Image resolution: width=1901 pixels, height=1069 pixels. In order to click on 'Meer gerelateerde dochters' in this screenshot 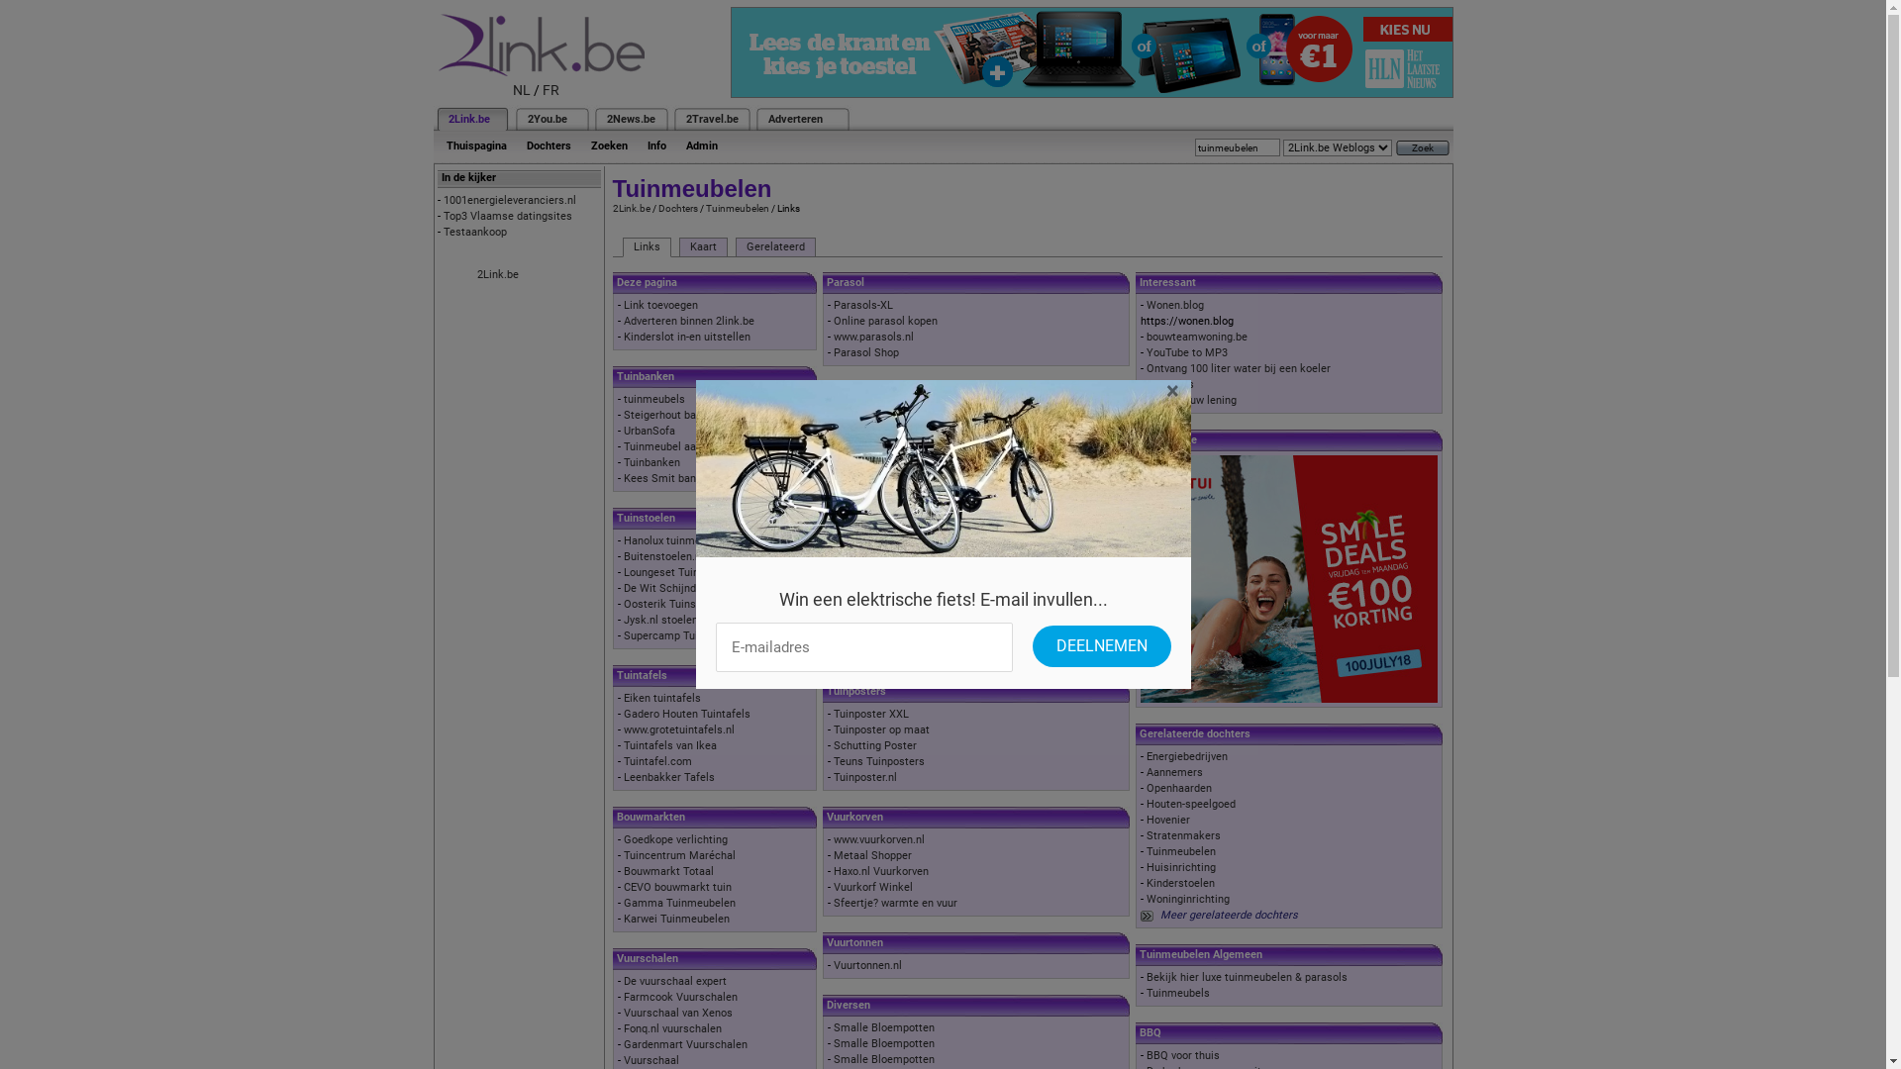, I will do `click(1228, 915)`.